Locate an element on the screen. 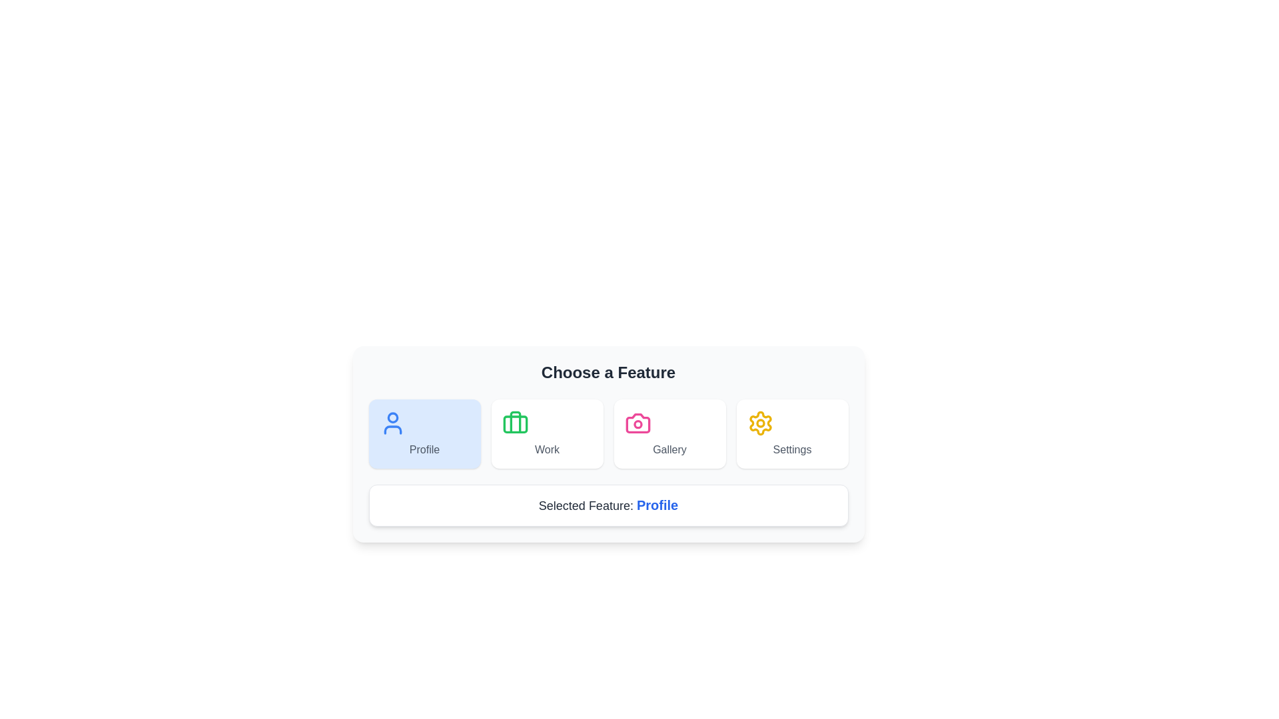 The height and width of the screenshot is (719, 1279). the vibrant pink camera icon located within the 'Gallery' card for selection is located at coordinates (637, 423).